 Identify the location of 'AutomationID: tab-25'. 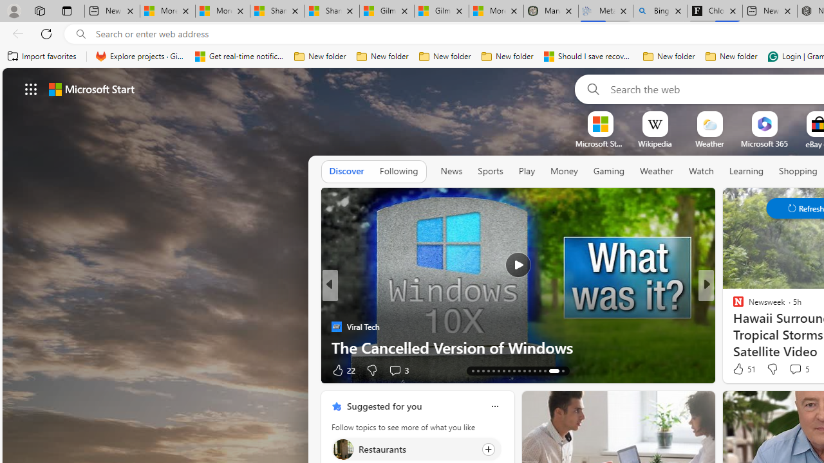
(513, 371).